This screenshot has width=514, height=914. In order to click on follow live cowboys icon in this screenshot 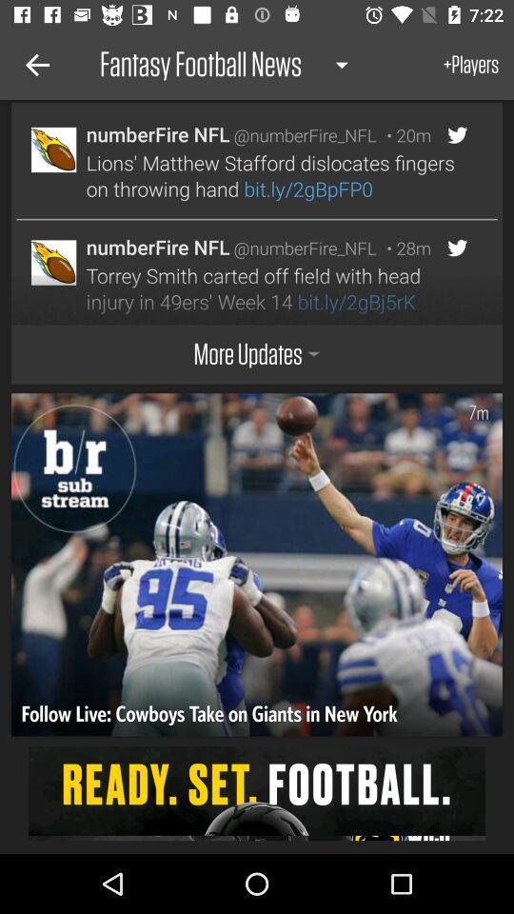, I will do `click(210, 716)`.